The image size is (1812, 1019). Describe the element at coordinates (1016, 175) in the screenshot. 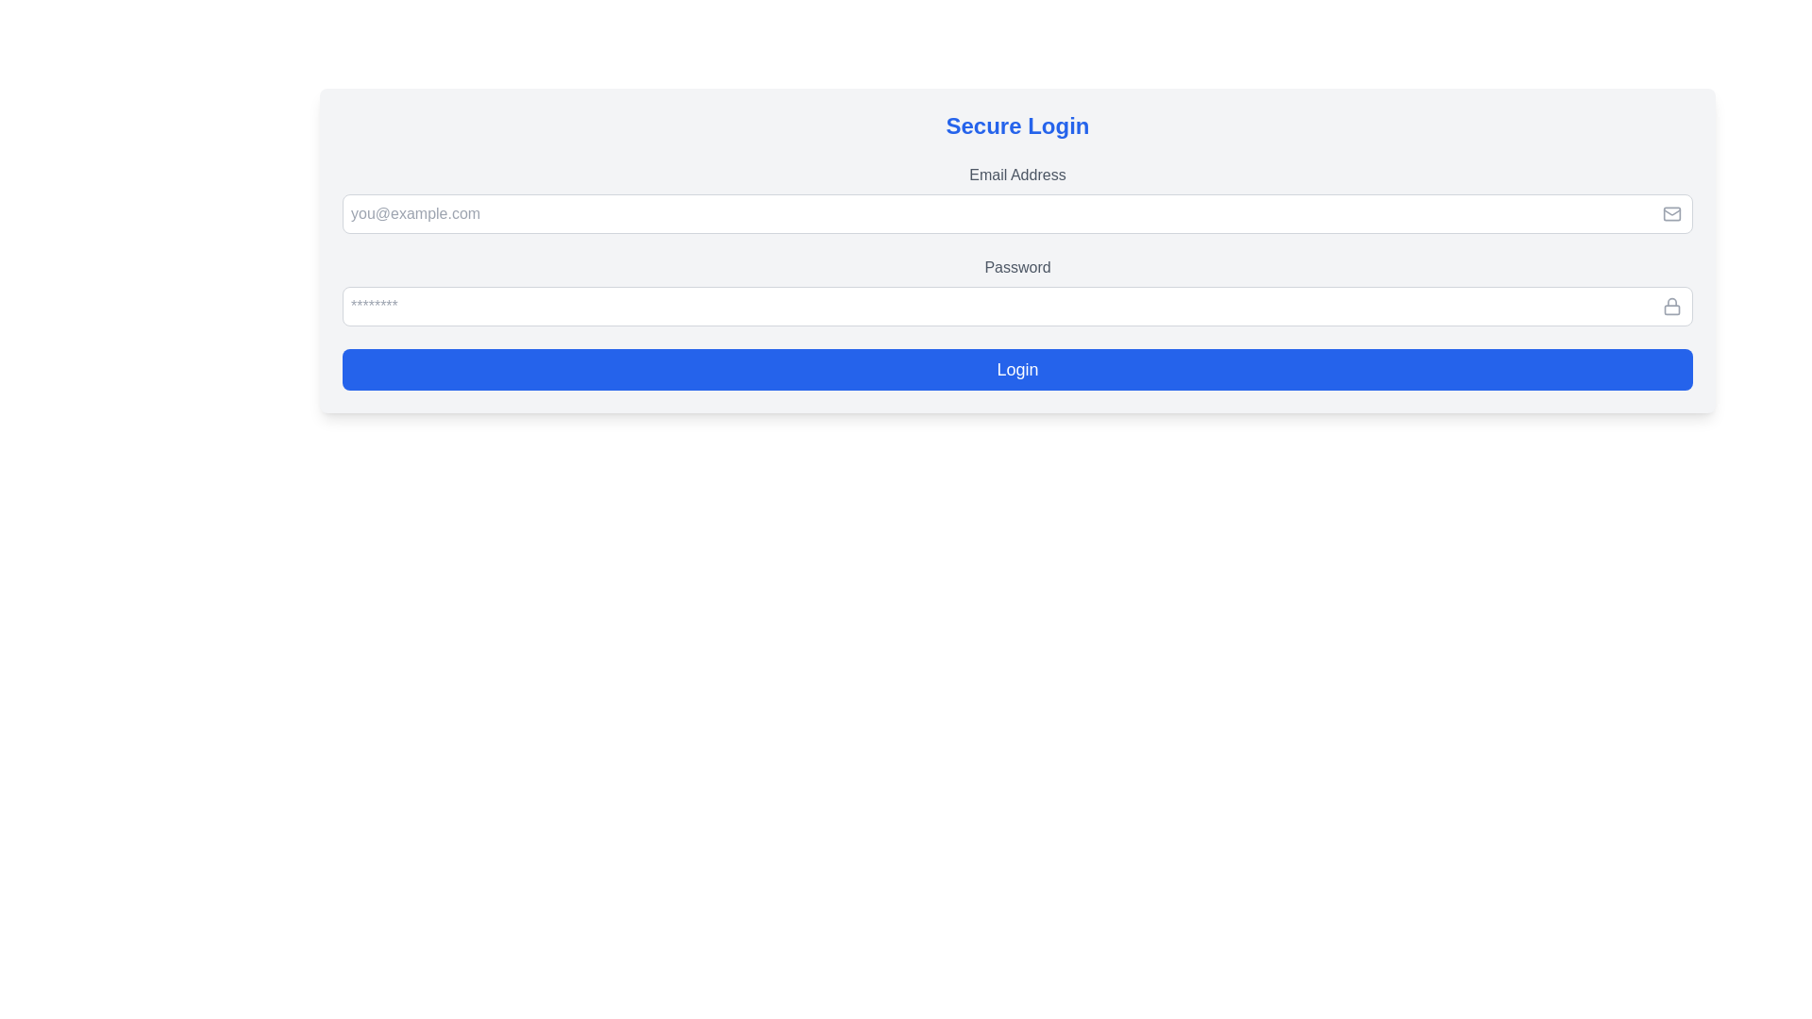

I see `the 'Email Address' label text, which is styled in gray and positioned above the email input field in the form` at that location.